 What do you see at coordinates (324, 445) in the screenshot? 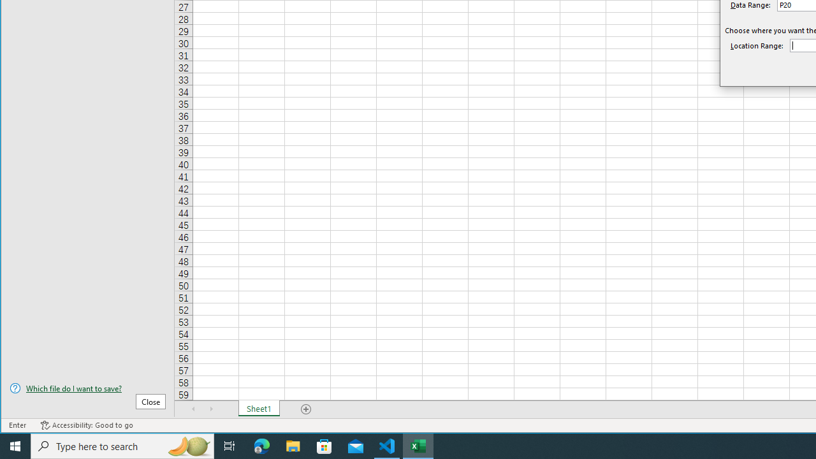
I see `'Microsoft Store'` at bounding box center [324, 445].